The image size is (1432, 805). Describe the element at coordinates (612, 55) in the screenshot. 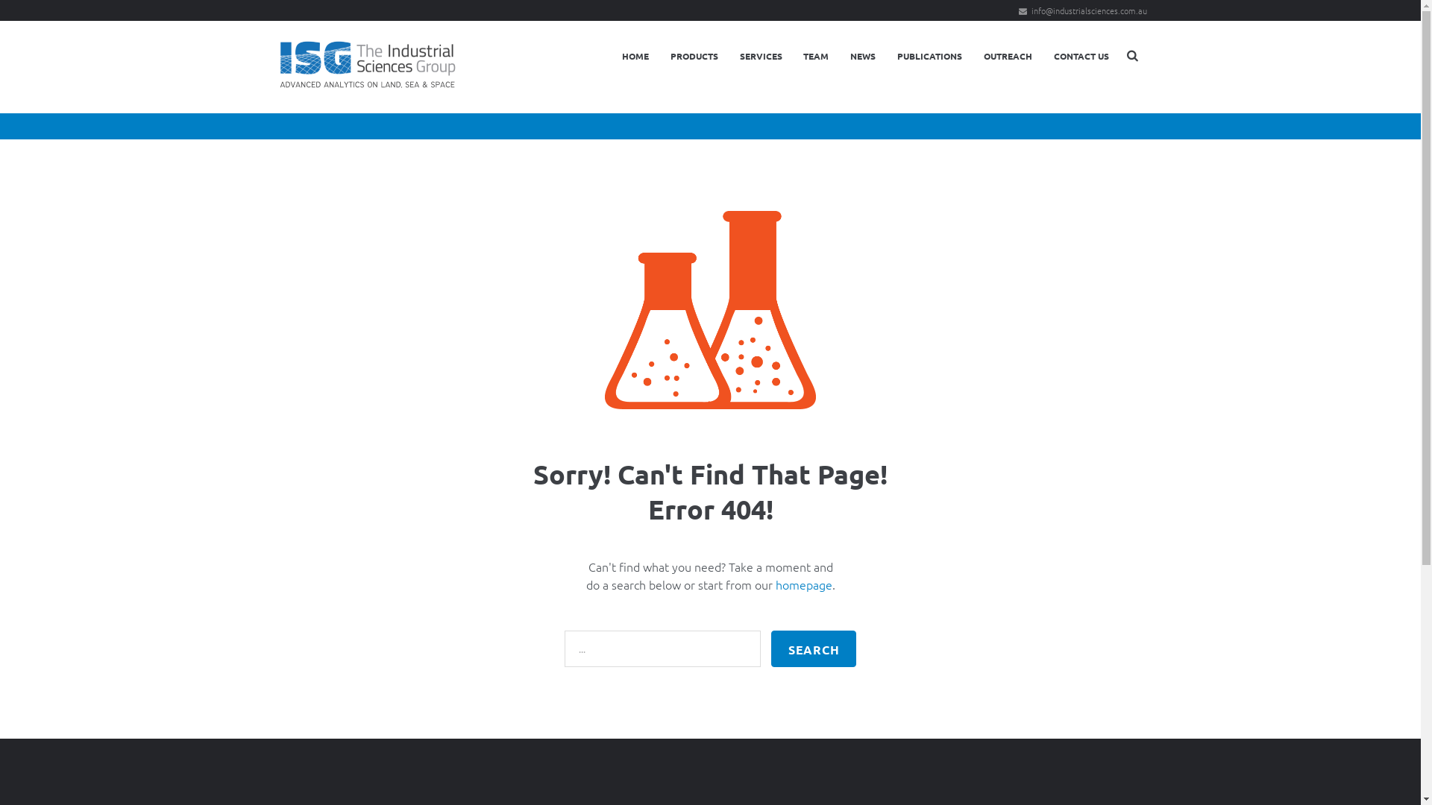

I see `'HOME'` at that location.